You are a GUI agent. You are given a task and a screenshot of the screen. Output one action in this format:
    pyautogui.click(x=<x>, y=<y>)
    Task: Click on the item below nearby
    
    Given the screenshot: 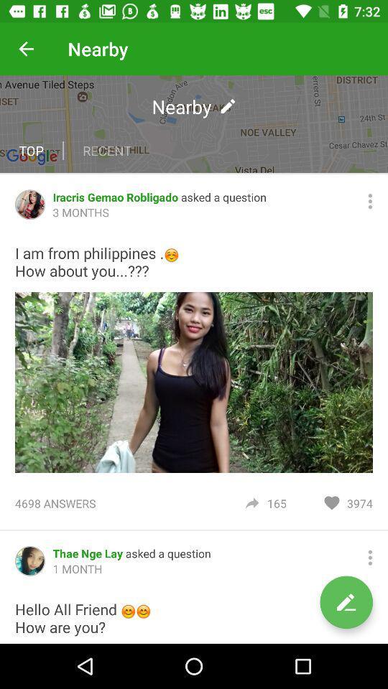 What is the action you would take?
    pyautogui.click(x=106, y=151)
    